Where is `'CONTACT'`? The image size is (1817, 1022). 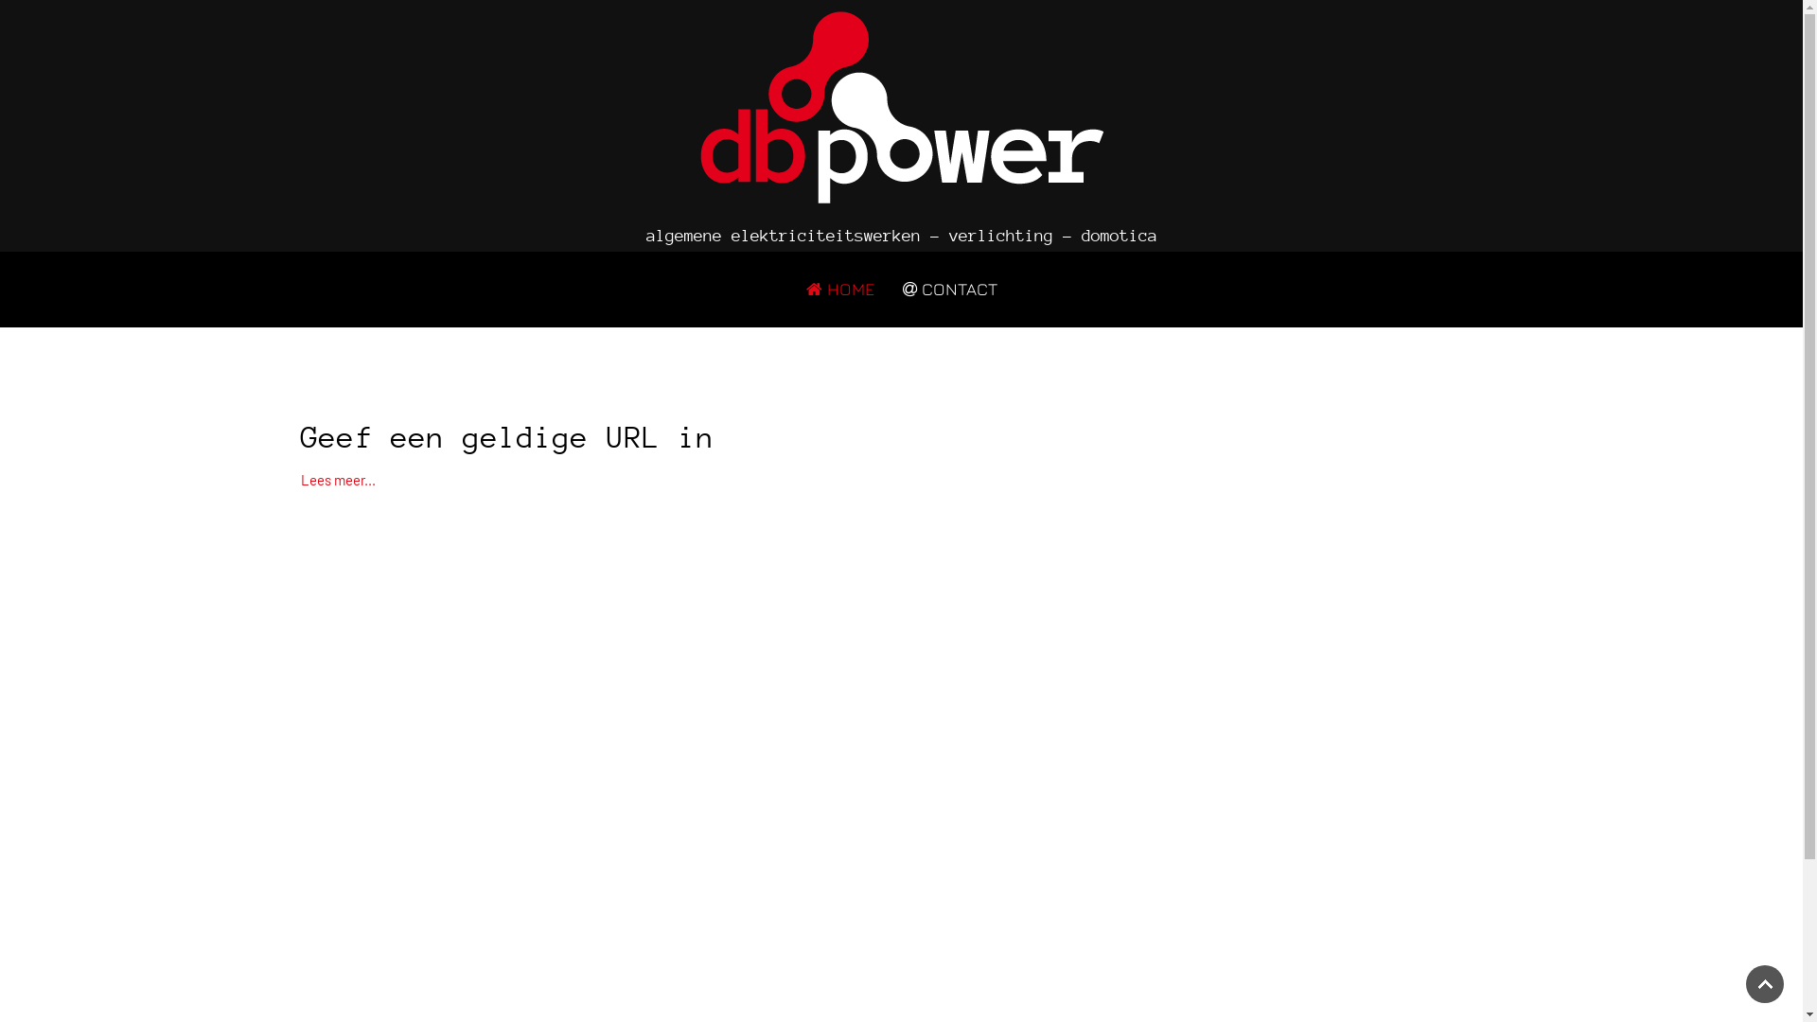
'CONTACT' is located at coordinates (886, 289).